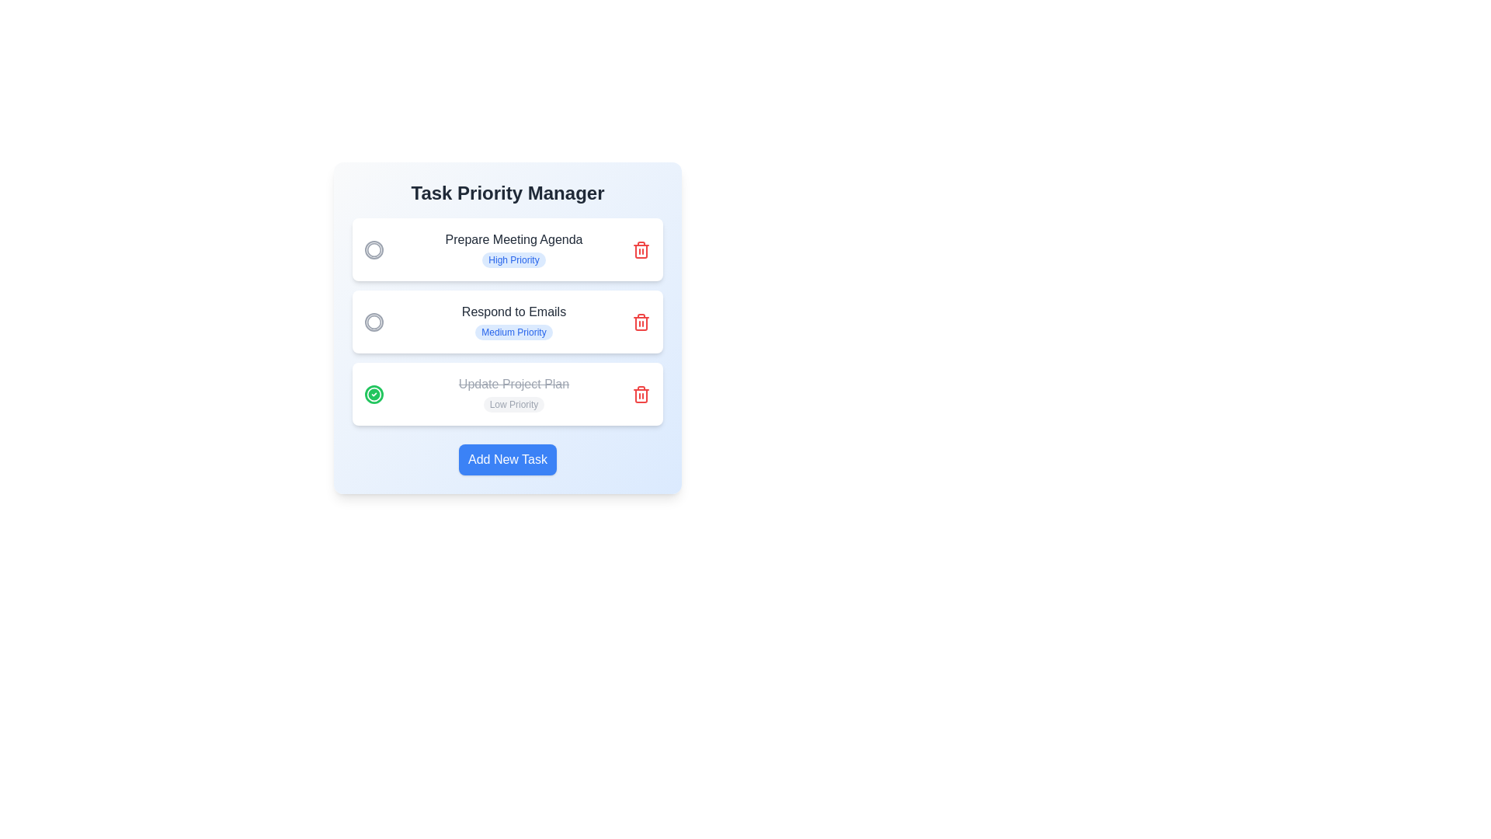 Image resolution: width=1491 pixels, height=839 pixels. I want to click on the title Text Label of the task management interface, which introduces the purpose of the displayed widget, so click(507, 193).